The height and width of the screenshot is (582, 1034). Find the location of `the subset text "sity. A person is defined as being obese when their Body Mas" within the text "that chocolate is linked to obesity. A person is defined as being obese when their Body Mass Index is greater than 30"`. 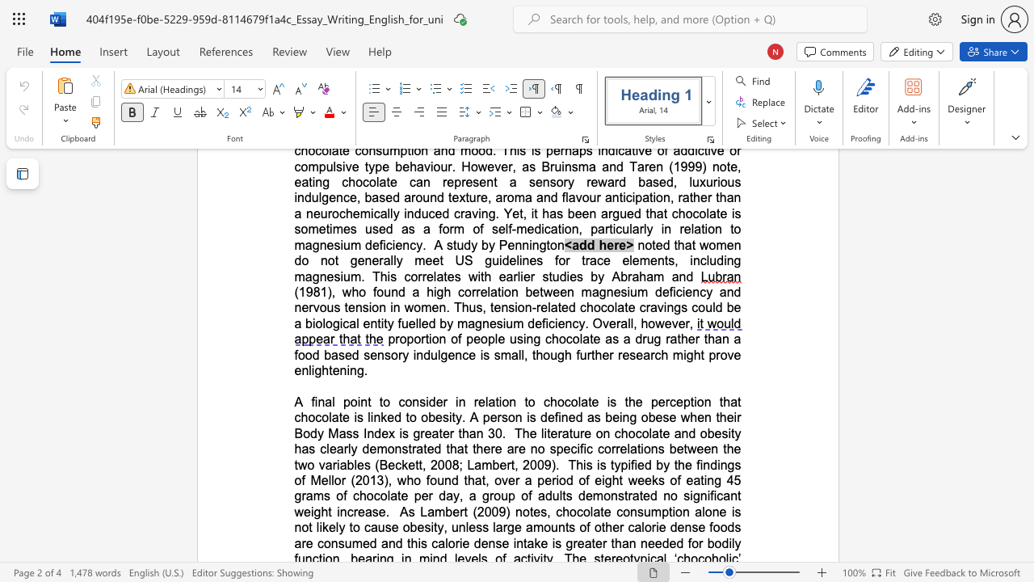

the subset text "sity. A person is defined as being obese when their Body Mas" within the text "that chocolate is linked to obesity. A person is defined as being obese when their Body Mass Index is greater than 30" is located at coordinates (442, 416).